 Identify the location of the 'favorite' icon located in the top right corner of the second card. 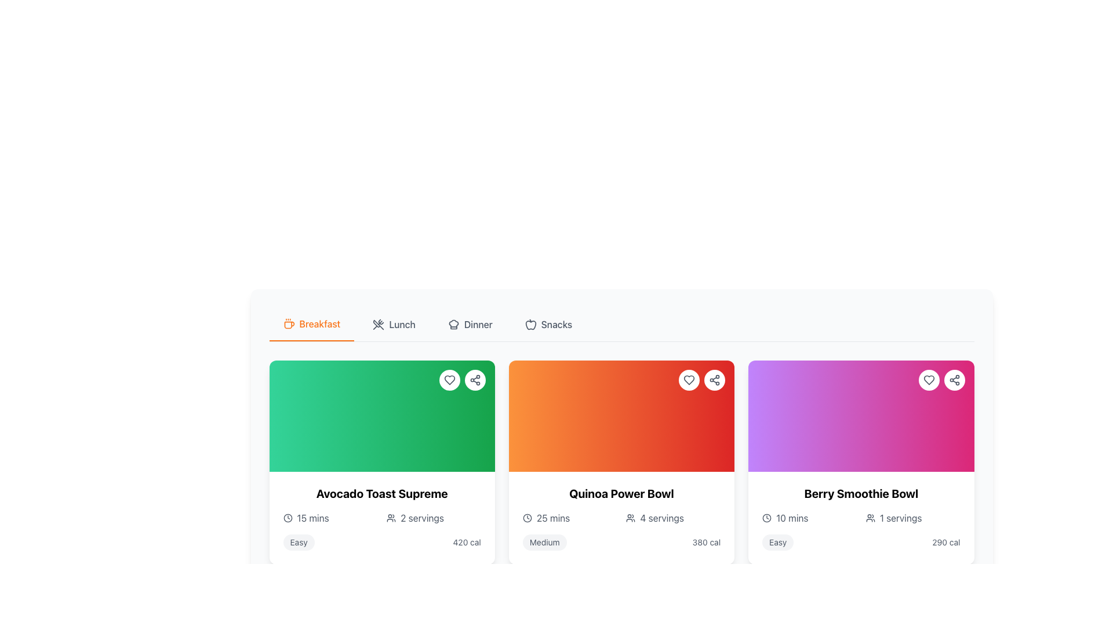
(689, 380).